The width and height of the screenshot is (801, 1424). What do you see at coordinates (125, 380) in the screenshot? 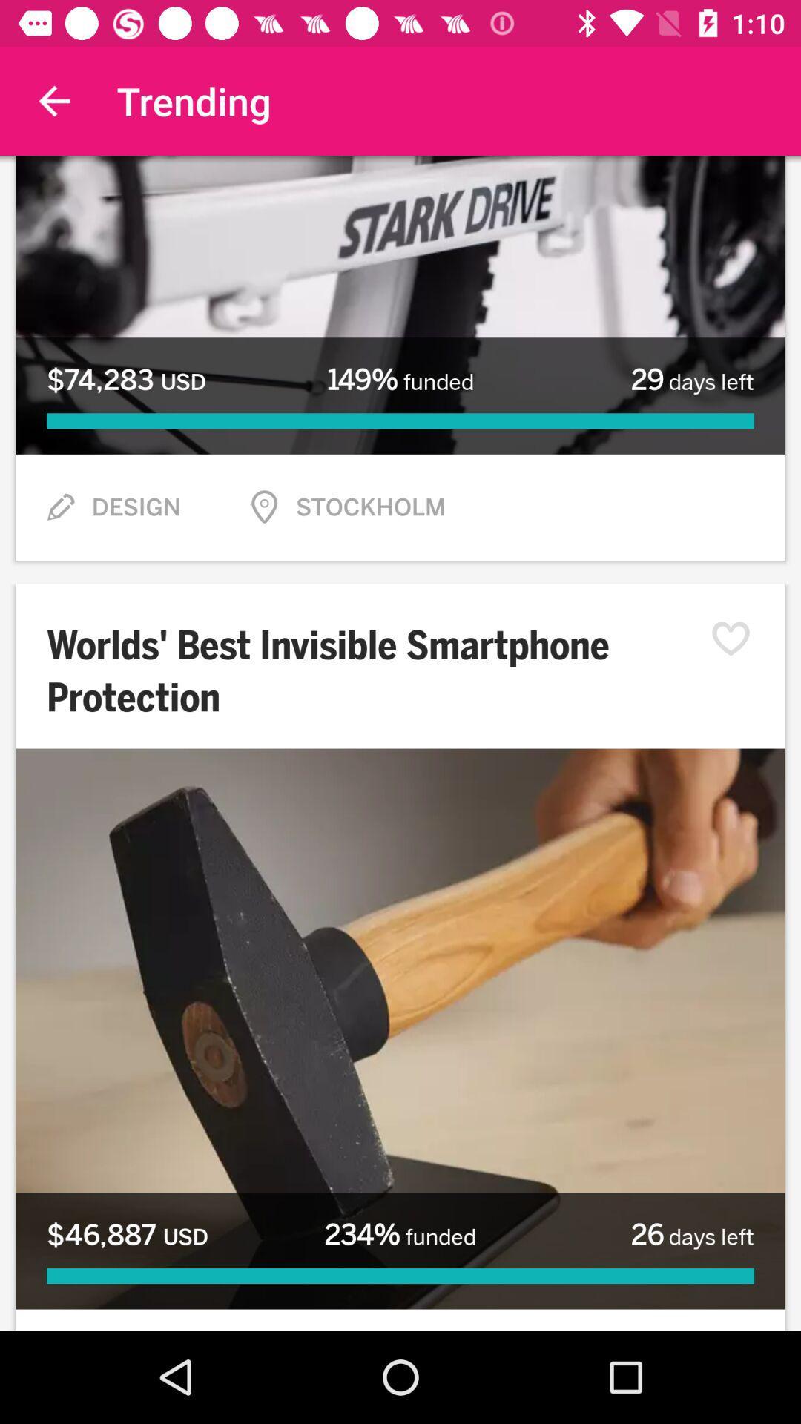
I see `item to the left of 149% funded item` at bounding box center [125, 380].